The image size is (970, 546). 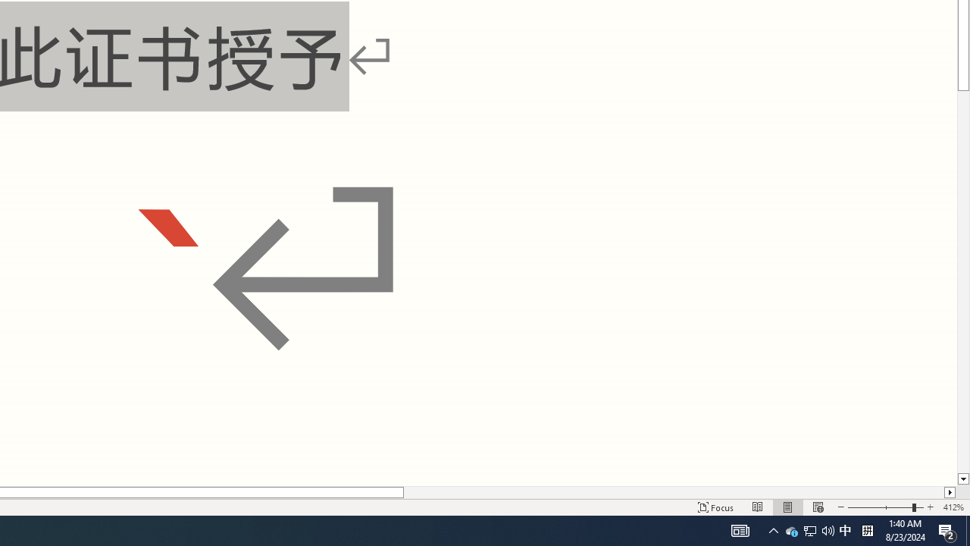 I want to click on 'Page down', so click(x=962, y=282).